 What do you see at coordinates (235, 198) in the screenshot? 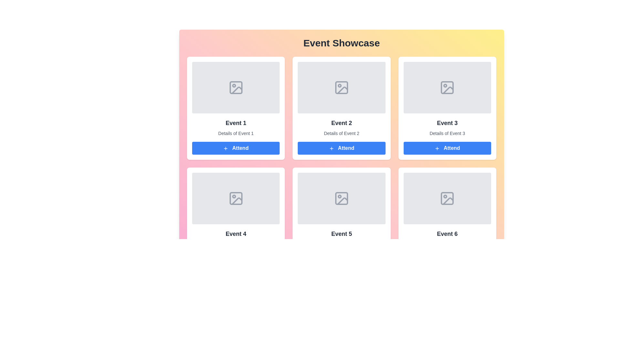
I see `the placeholder graphic icon located in the fourth card of the layout grid for 'Event 4', which is a pictorial icon representing a generic image with a thin gray outline` at bounding box center [235, 198].